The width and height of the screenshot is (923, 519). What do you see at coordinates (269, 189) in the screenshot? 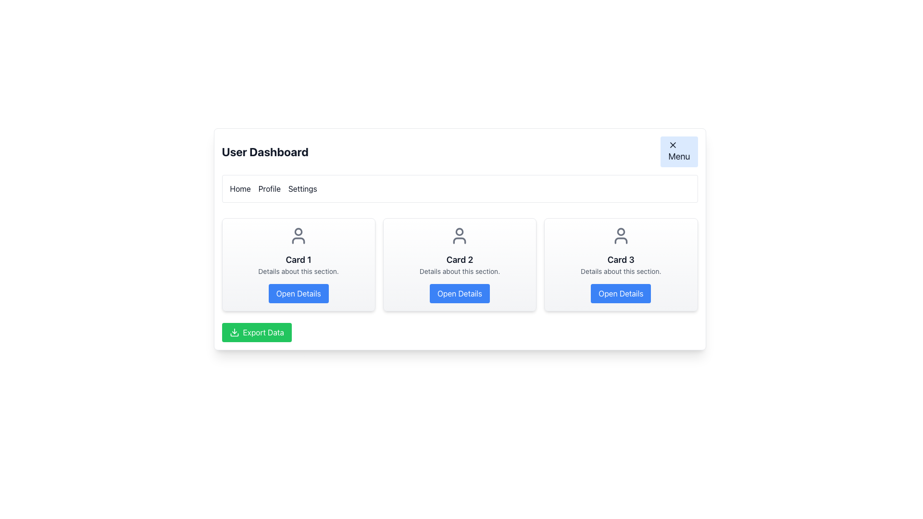
I see `the 'Profile' navigation link, which is the second item in a horizontal list of navigation items at the top center of the page` at bounding box center [269, 189].